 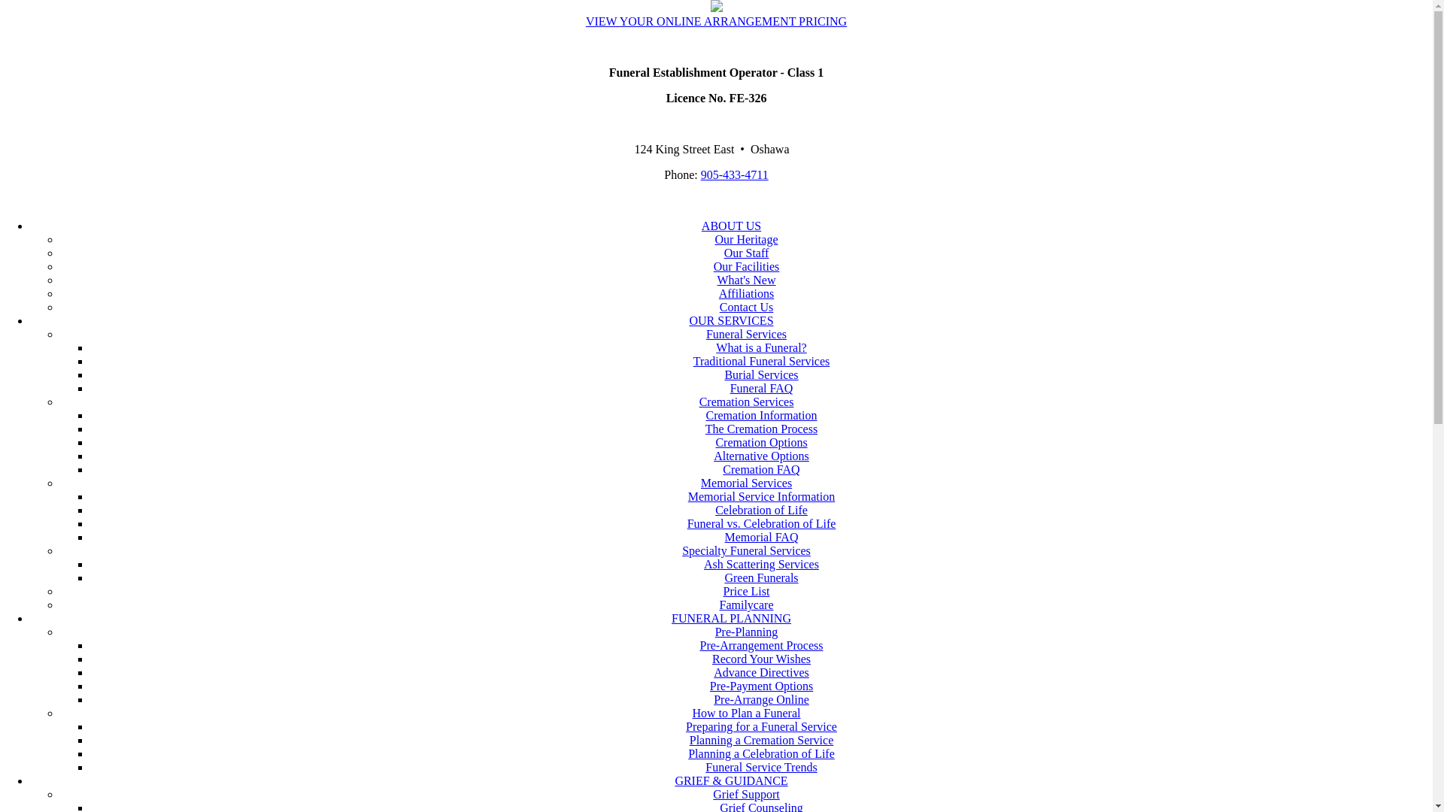 What do you see at coordinates (704, 767) in the screenshot?
I see `'Funeral Service Trends'` at bounding box center [704, 767].